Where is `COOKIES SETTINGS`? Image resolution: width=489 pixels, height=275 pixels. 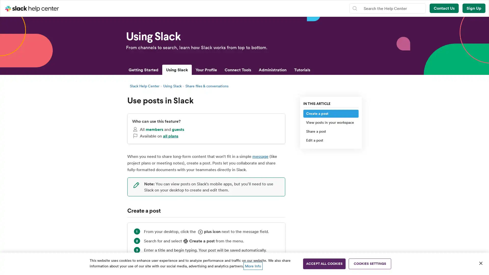
COOKIES SETTINGS is located at coordinates (370, 264).